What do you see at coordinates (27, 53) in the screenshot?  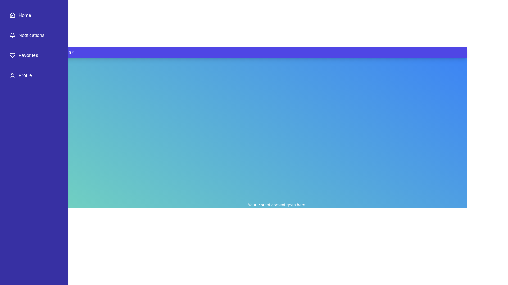 I see `the menu icon to toggle the sidebar visibility` at bounding box center [27, 53].